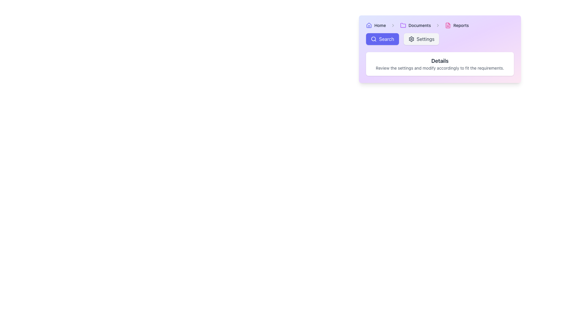 Image resolution: width=570 pixels, height=320 pixels. What do you see at coordinates (403, 25) in the screenshot?
I see `the folder icon located to the left of the 'Documents' text in the navigation breadcrumb, which has a purple color and rounded edges` at bounding box center [403, 25].